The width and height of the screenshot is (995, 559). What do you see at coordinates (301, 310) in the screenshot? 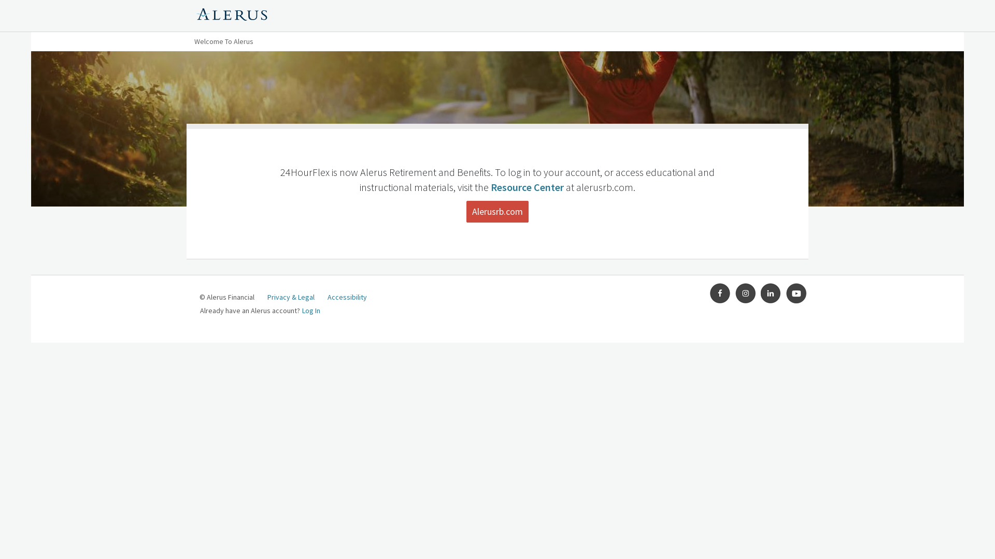
I see `'Log In'` at bounding box center [301, 310].